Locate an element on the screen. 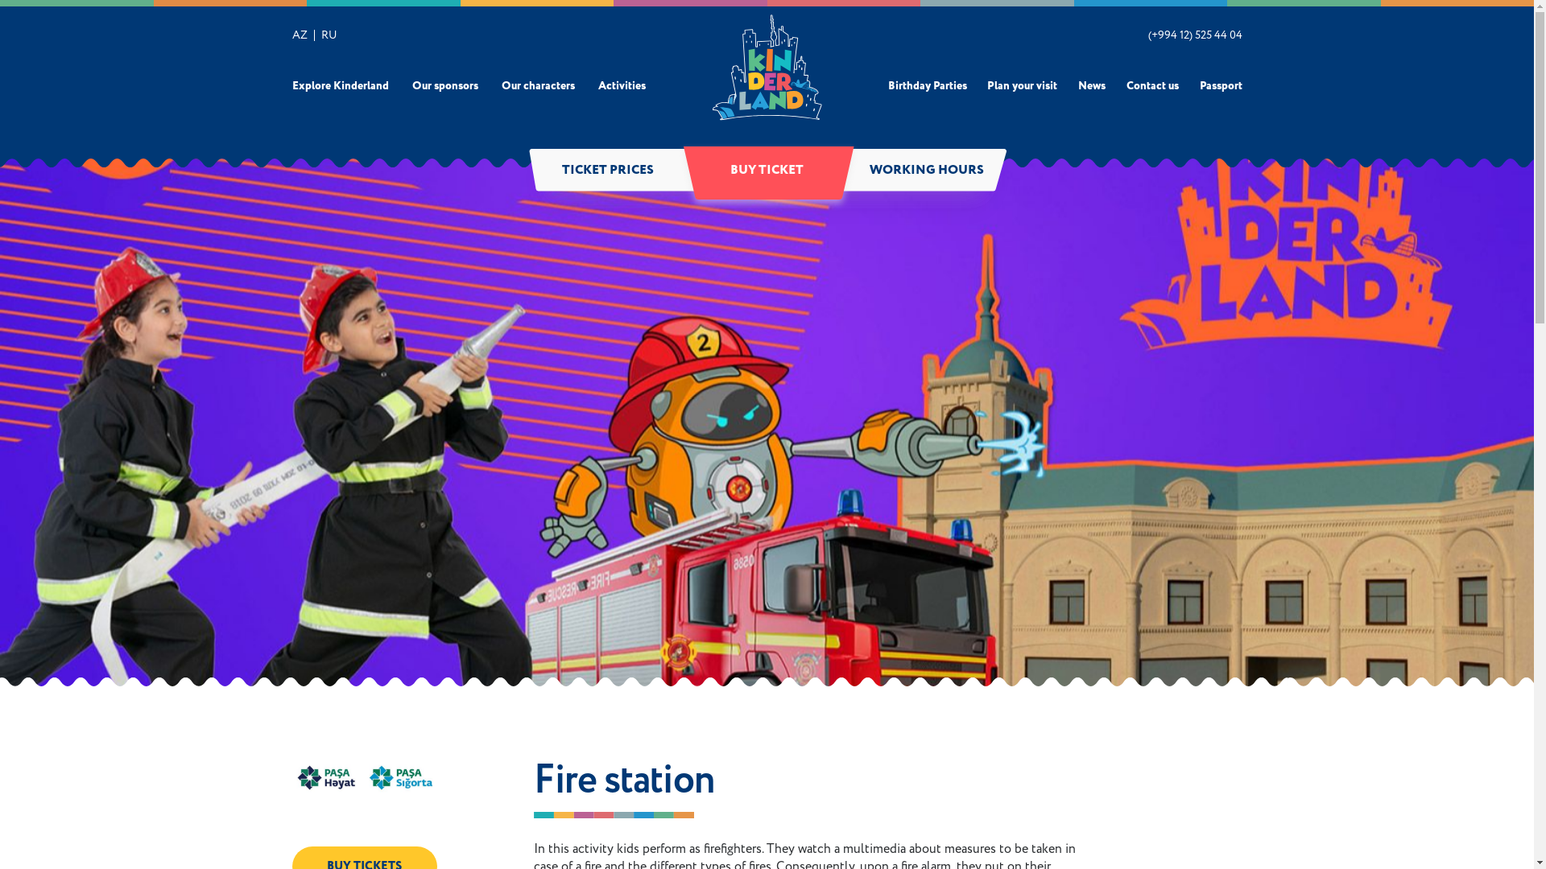 The height and width of the screenshot is (869, 1546). 'RU' is located at coordinates (328, 35).